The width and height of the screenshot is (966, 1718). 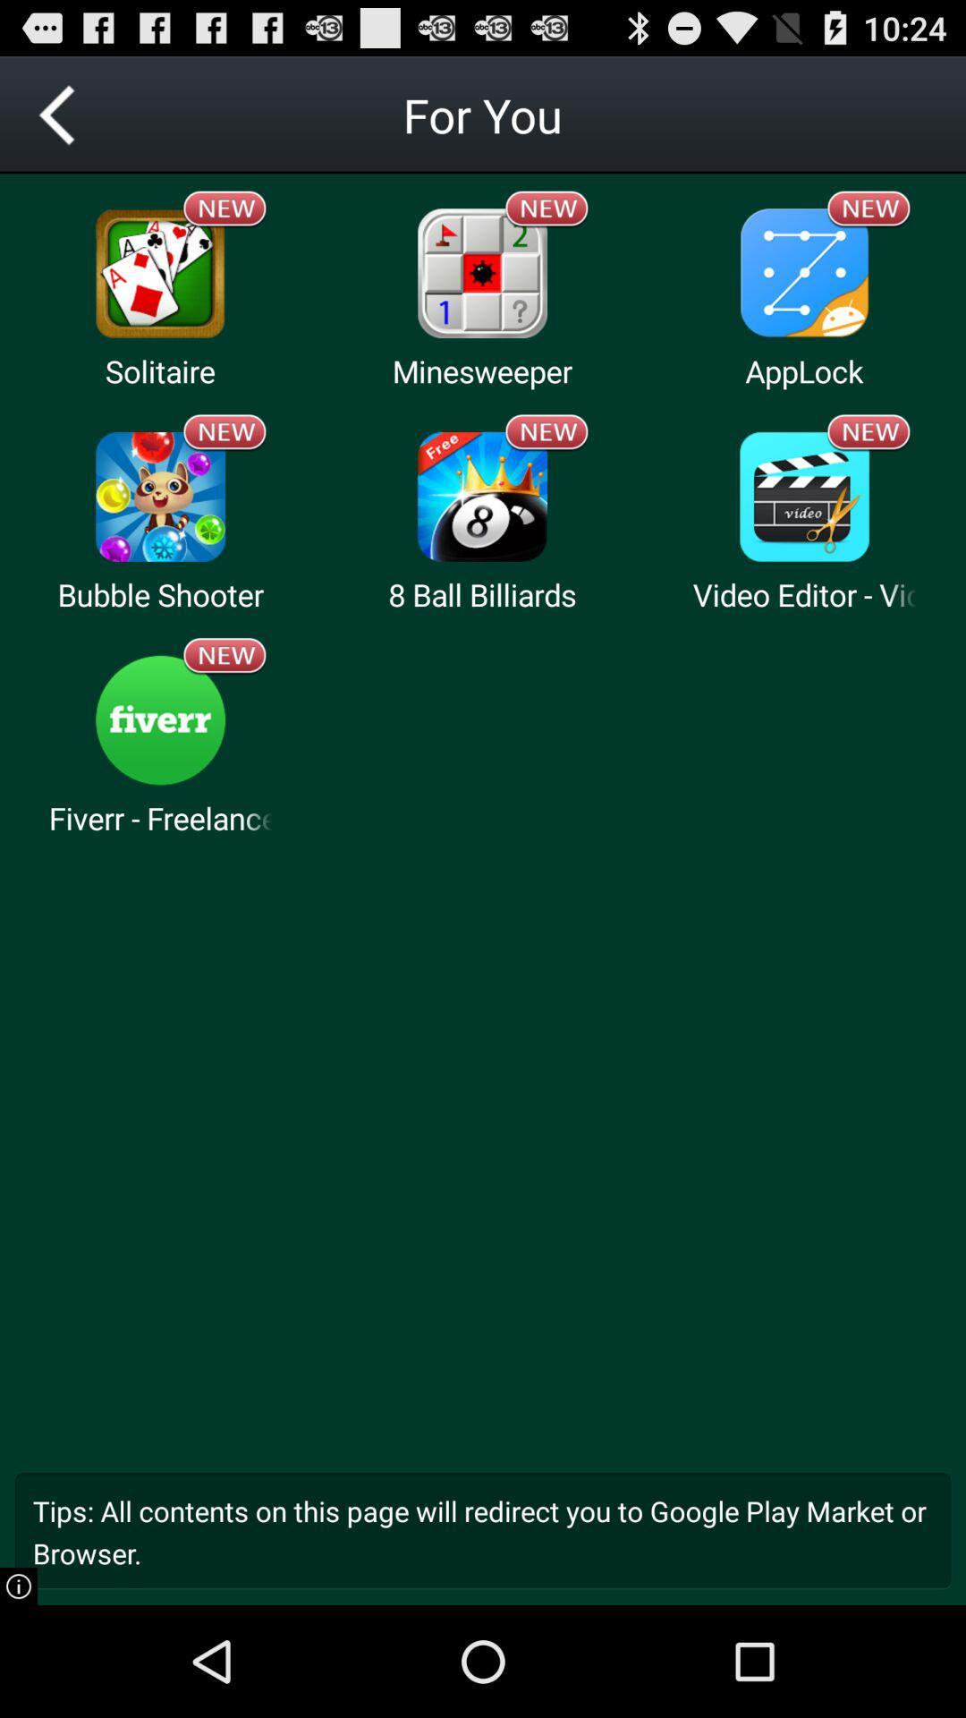 What do you see at coordinates (224, 655) in the screenshot?
I see `app above fiverr - freelance services item` at bounding box center [224, 655].